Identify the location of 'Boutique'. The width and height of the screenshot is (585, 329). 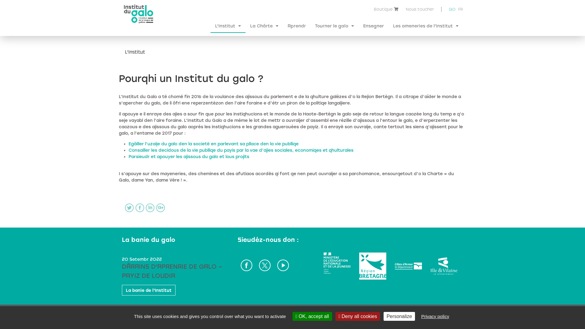
(383, 9).